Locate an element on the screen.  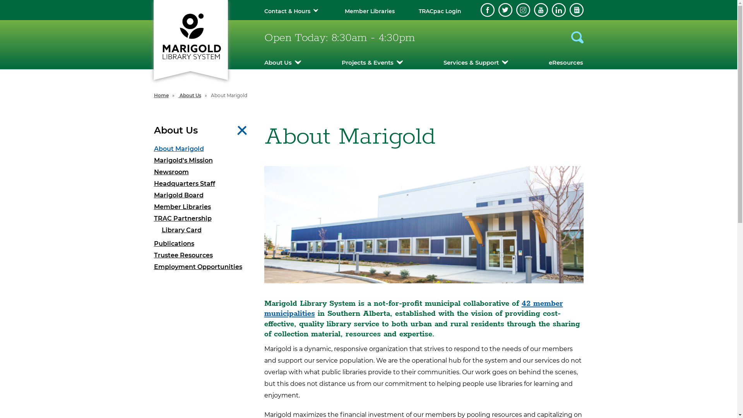
'Library Card' is located at coordinates (207, 230).